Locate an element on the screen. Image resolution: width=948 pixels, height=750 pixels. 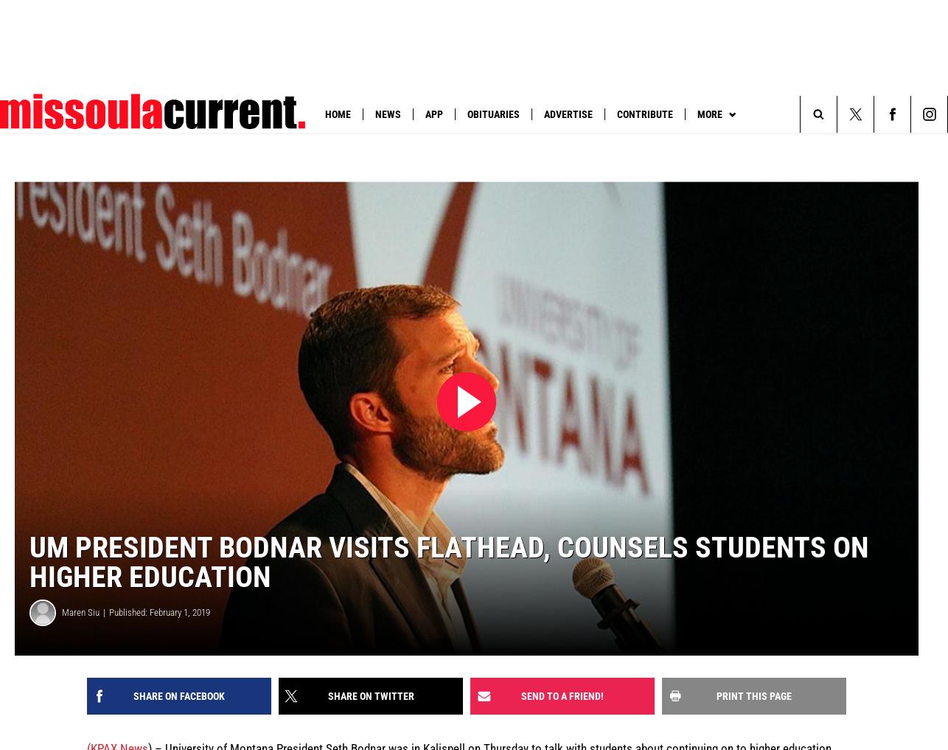
'UM President Bodnar visits Flathead, counsels students on higher education' is located at coordinates (448, 562).